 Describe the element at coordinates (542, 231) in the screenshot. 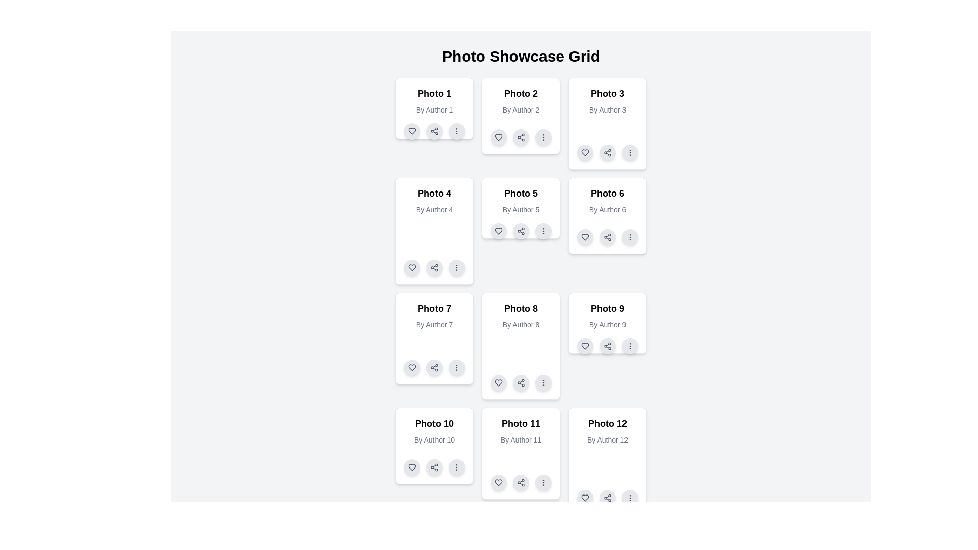

I see `the circular button with a light gray background and three vertically aligned gray dots at its center, located in the bottom right corner of the 'Photo 5' card` at that location.